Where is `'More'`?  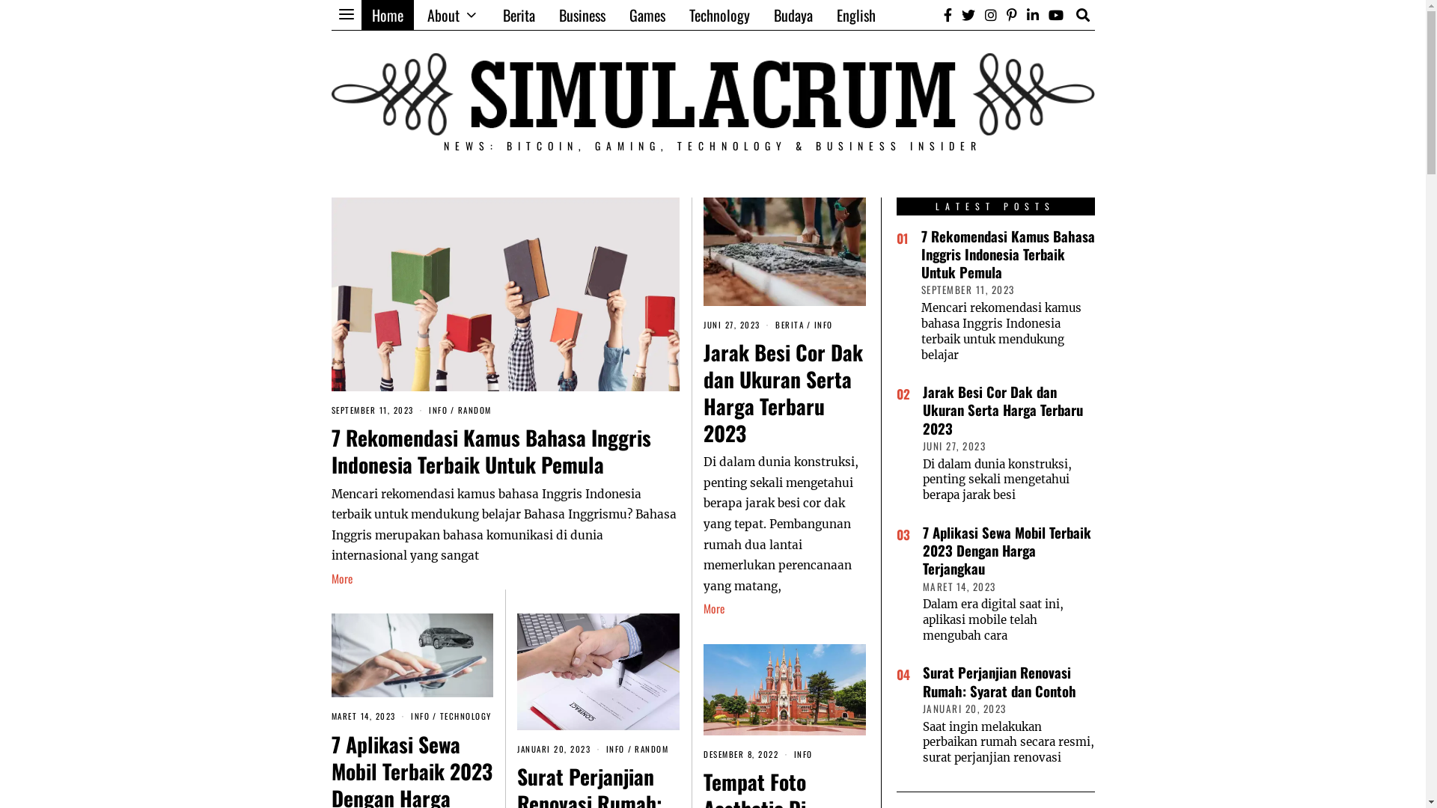
'More' is located at coordinates (713, 608).